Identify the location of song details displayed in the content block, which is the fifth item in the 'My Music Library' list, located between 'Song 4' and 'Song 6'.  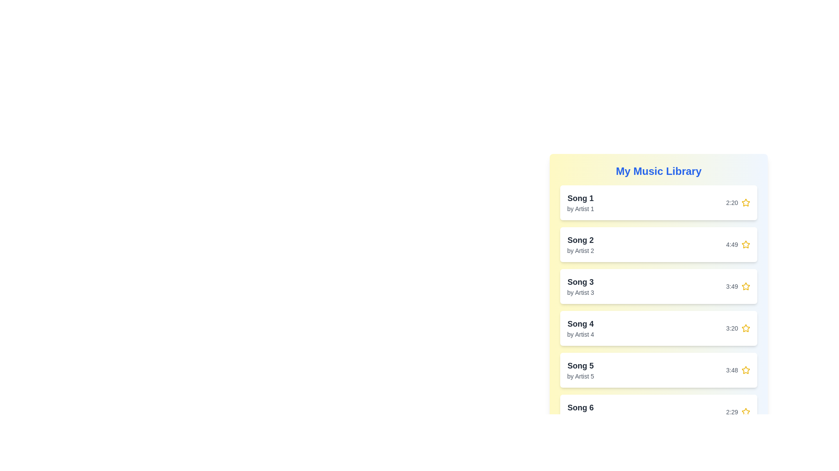
(659, 370).